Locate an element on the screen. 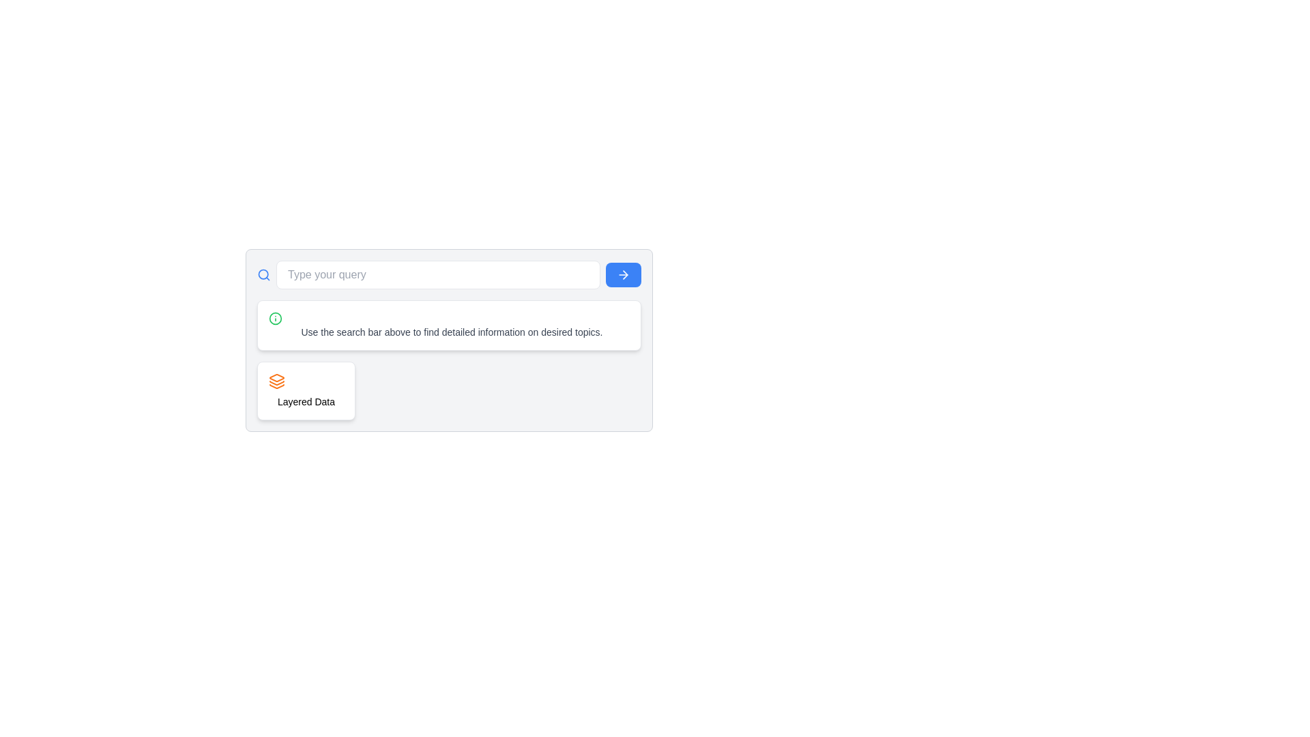 This screenshot has width=1310, height=737. the blue rectangular button with rounded corners and bold white text or iconography, located adjacent to the search input field is located at coordinates (622, 274).